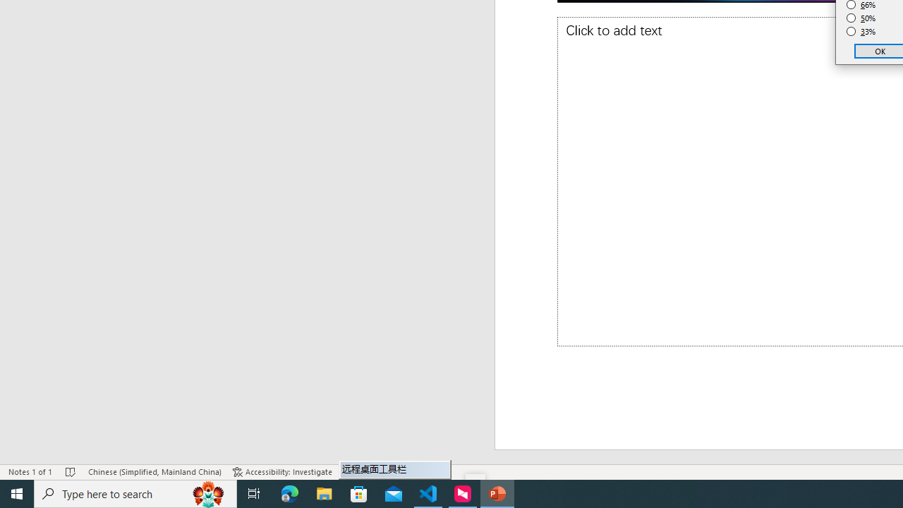 Image resolution: width=903 pixels, height=508 pixels. I want to click on '33%', so click(861, 32).